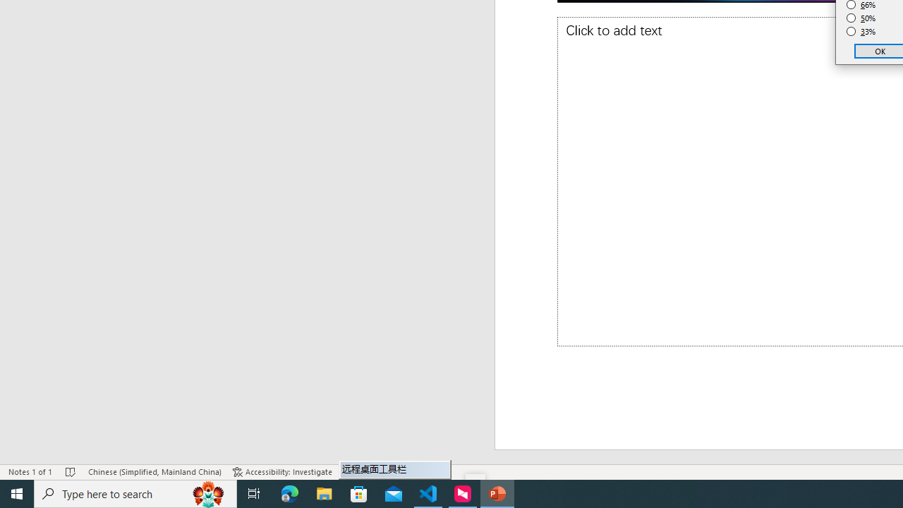 Image resolution: width=903 pixels, height=508 pixels. I want to click on '33%', so click(861, 32).